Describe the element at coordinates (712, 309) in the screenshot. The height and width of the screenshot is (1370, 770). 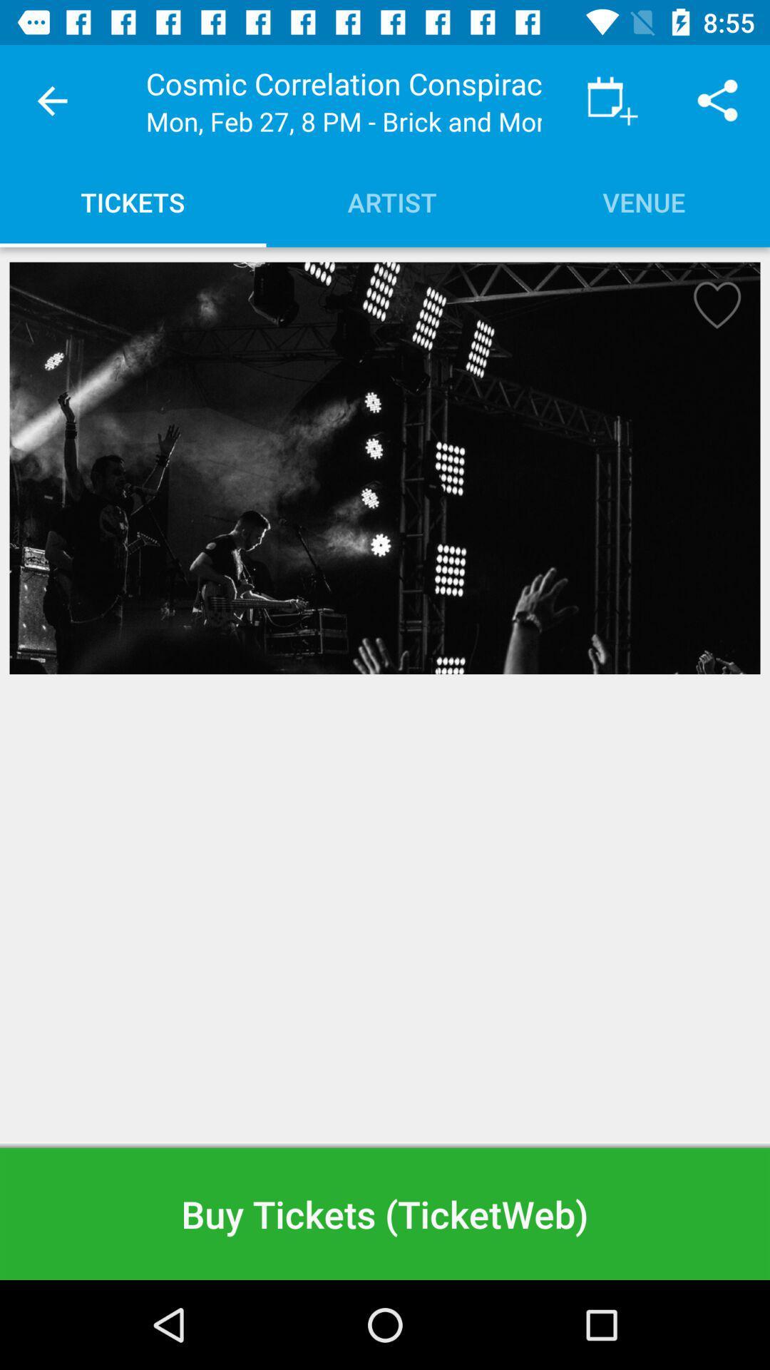
I see `the favorite icon` at that location.